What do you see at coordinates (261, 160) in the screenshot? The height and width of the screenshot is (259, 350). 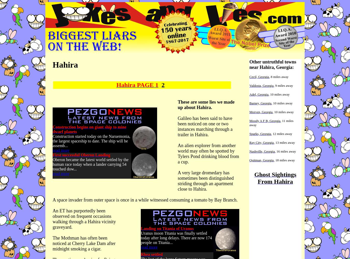 I see `'Quitman, Georgia'` at bounding box center [261, 160].